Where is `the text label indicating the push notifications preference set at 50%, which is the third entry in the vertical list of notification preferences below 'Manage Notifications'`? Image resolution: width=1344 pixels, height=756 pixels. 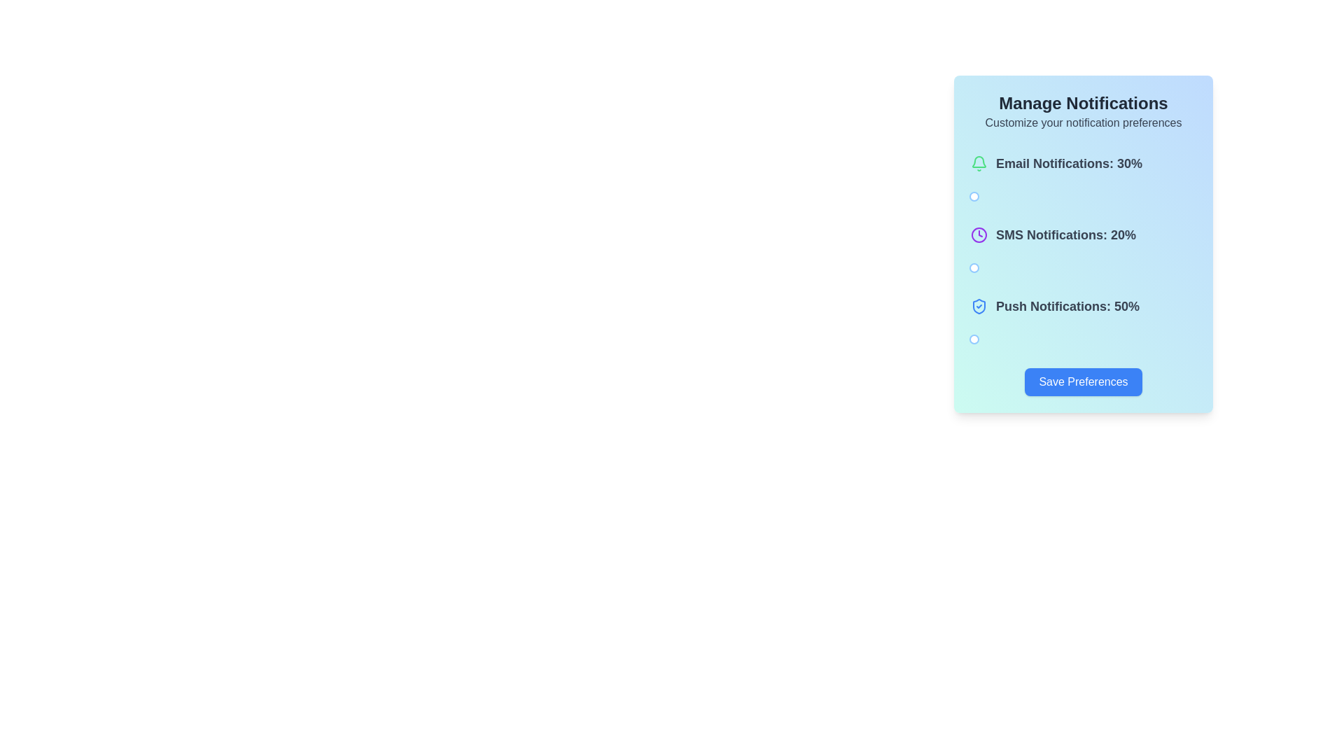 the text label indicating the push notifications preference set at 50%, which is the third entry in the vertical list of notification preferences below 'Manage Notifications' is located at coordinates (1067, 306).